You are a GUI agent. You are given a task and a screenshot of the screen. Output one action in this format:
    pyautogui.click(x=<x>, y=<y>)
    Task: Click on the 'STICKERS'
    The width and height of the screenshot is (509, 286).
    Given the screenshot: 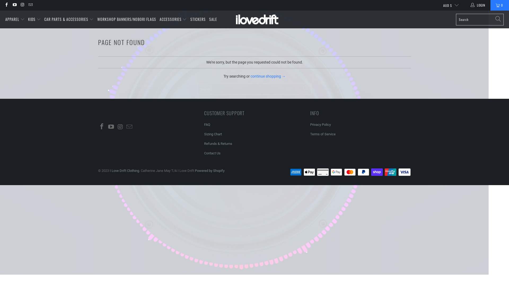 What is the action you would take?
    pyautogui.click(x=198, y=19)
    